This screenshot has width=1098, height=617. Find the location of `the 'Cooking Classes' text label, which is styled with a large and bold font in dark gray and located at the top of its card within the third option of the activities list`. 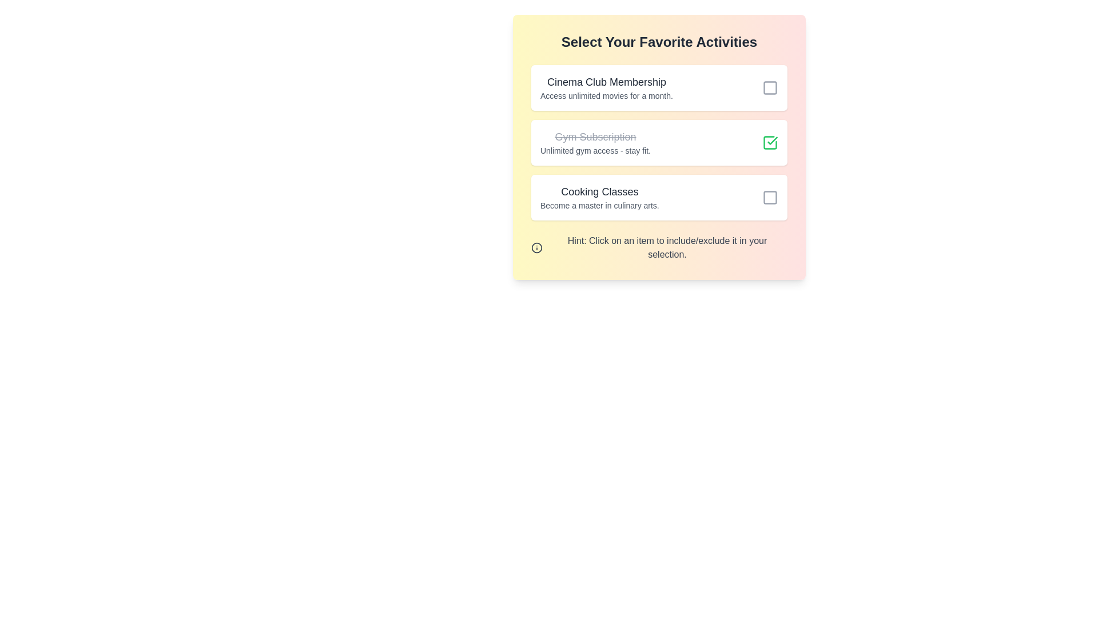

the 'Cooking Classes' text label, which is styled with a large and bold font in dark gray and located at the top of its card within the third option of the activities list is located at coordinates (599, 191).